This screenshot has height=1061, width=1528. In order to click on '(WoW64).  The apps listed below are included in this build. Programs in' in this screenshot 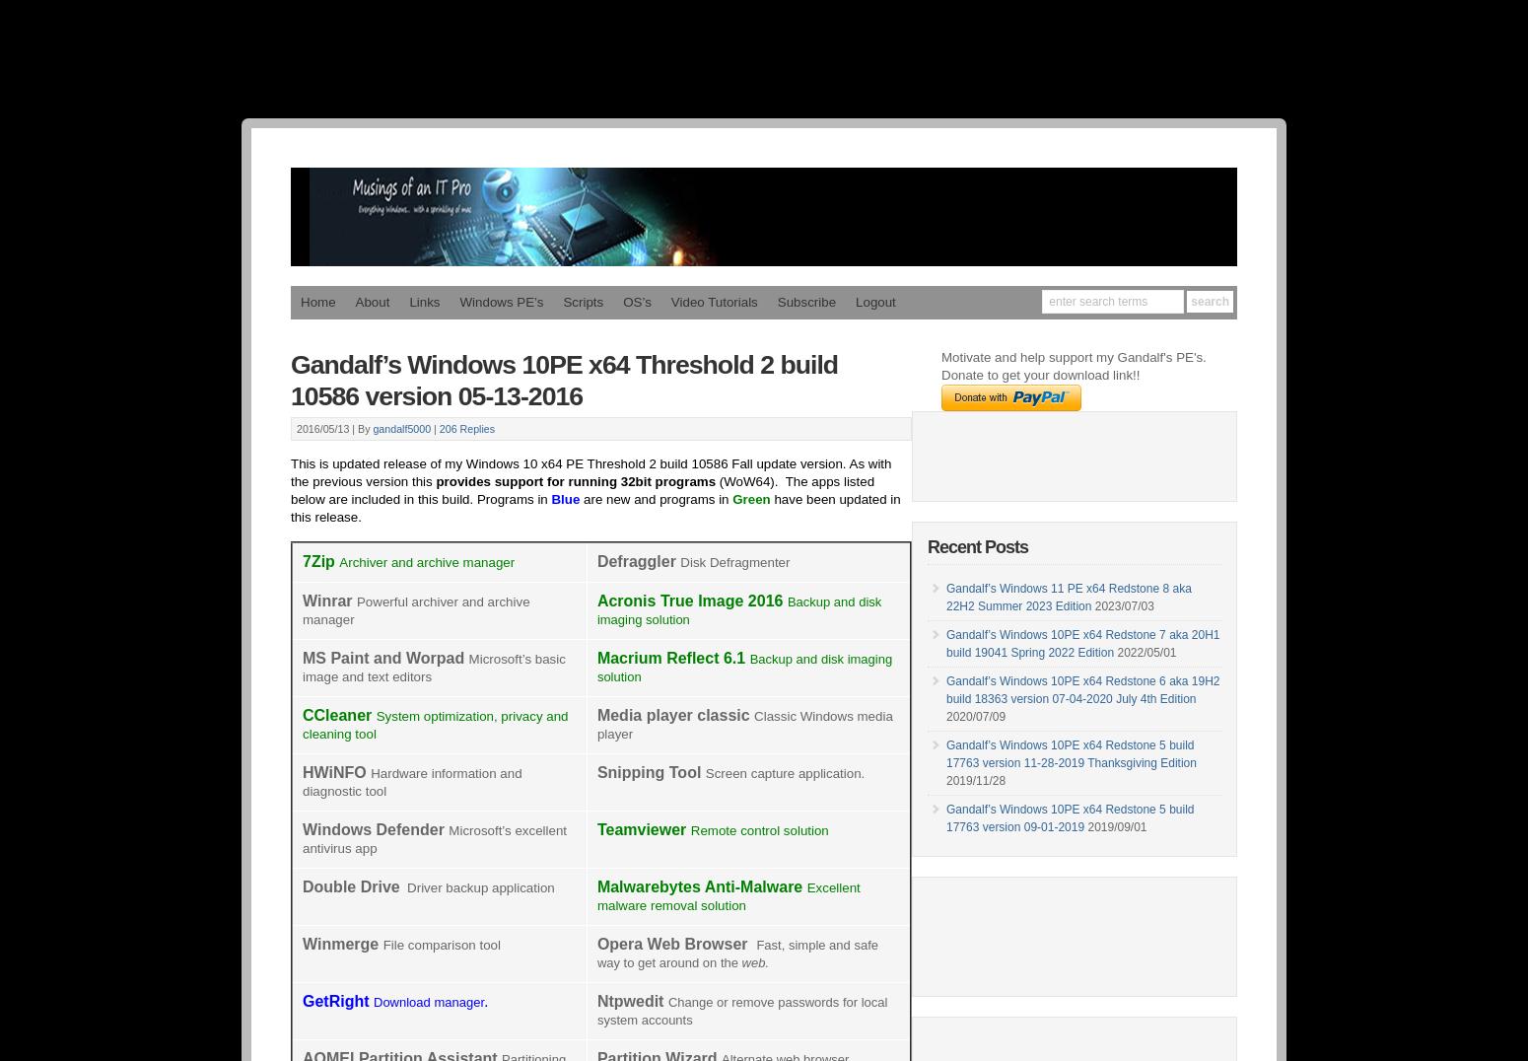, I will do `click(583, 490)`.